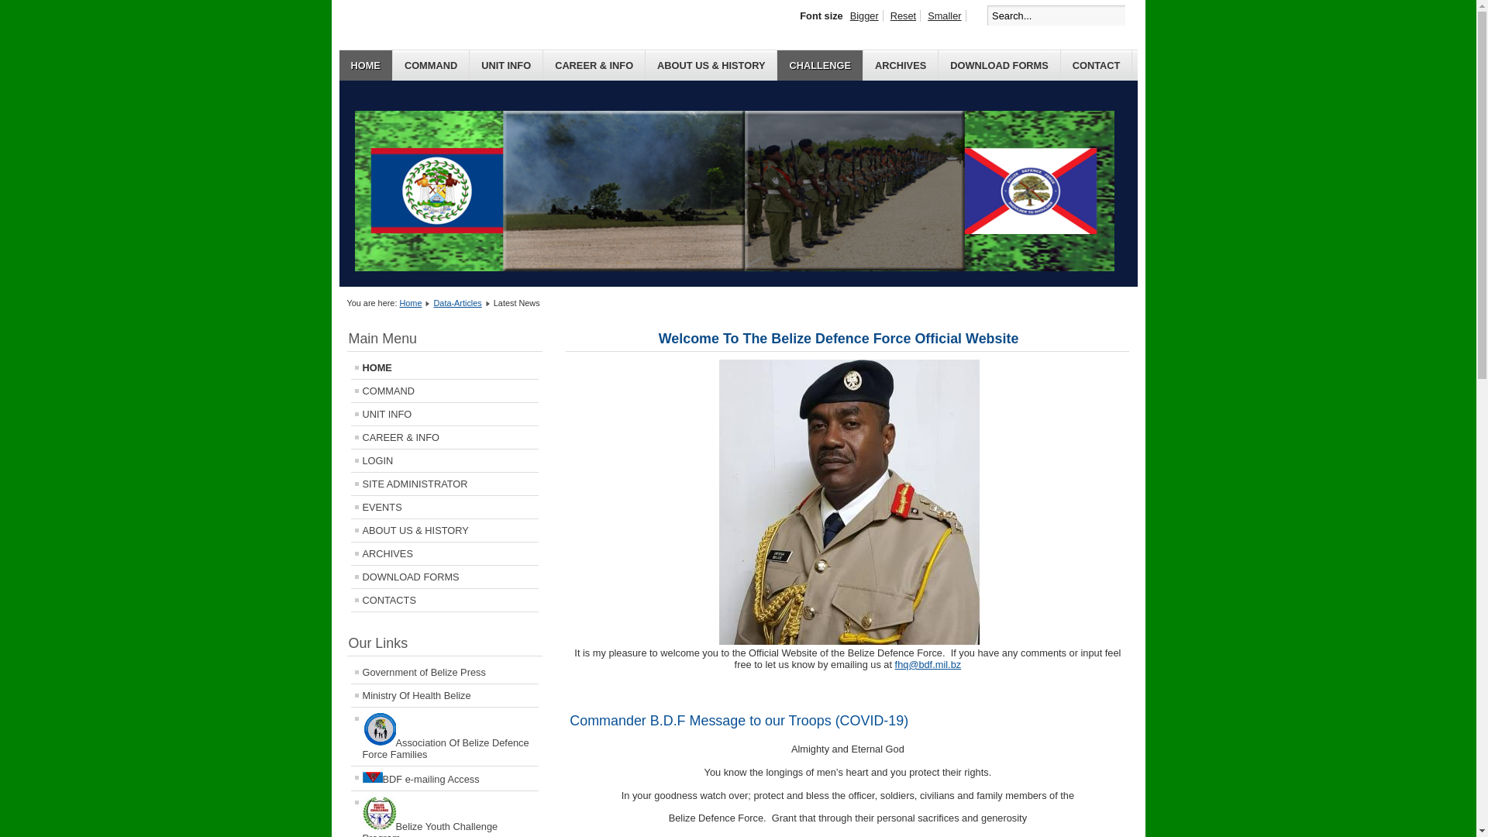  Describe the element at coordinates (777, 64) in the screenshot. I see `'CHALLENGE'` at that location.